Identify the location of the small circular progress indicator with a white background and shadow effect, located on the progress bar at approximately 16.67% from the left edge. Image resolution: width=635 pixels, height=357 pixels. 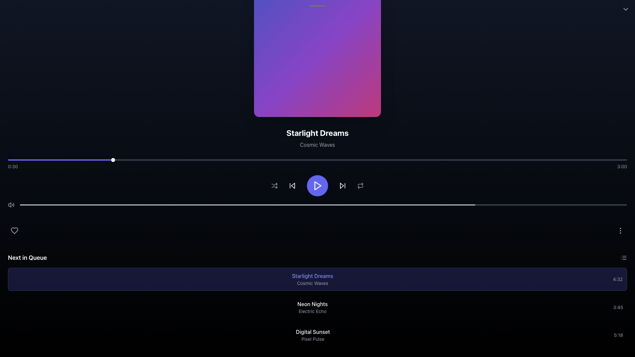
(113, 160).